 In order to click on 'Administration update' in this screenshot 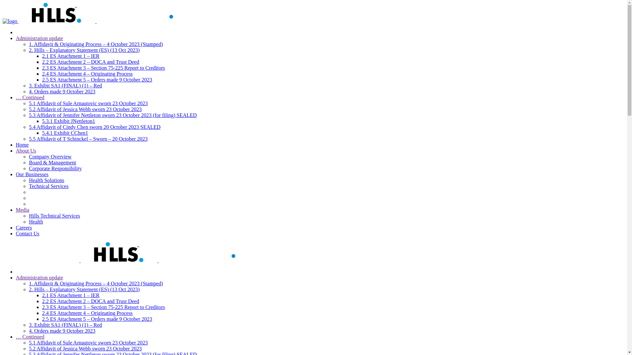, I will do `click(39, 38)`.